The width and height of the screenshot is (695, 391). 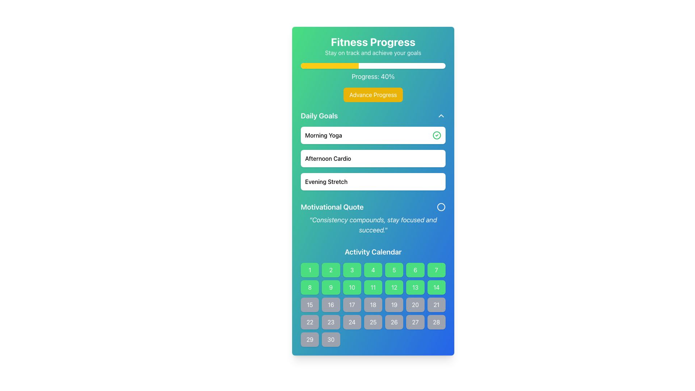 What do you see at coordinates (373, 287) in the screenshot?
I see `the Interactive calendar cell displaying the number '11', which is a green rounded rectangle in the Activity Calendar grid` at bounding box center [373, 287].